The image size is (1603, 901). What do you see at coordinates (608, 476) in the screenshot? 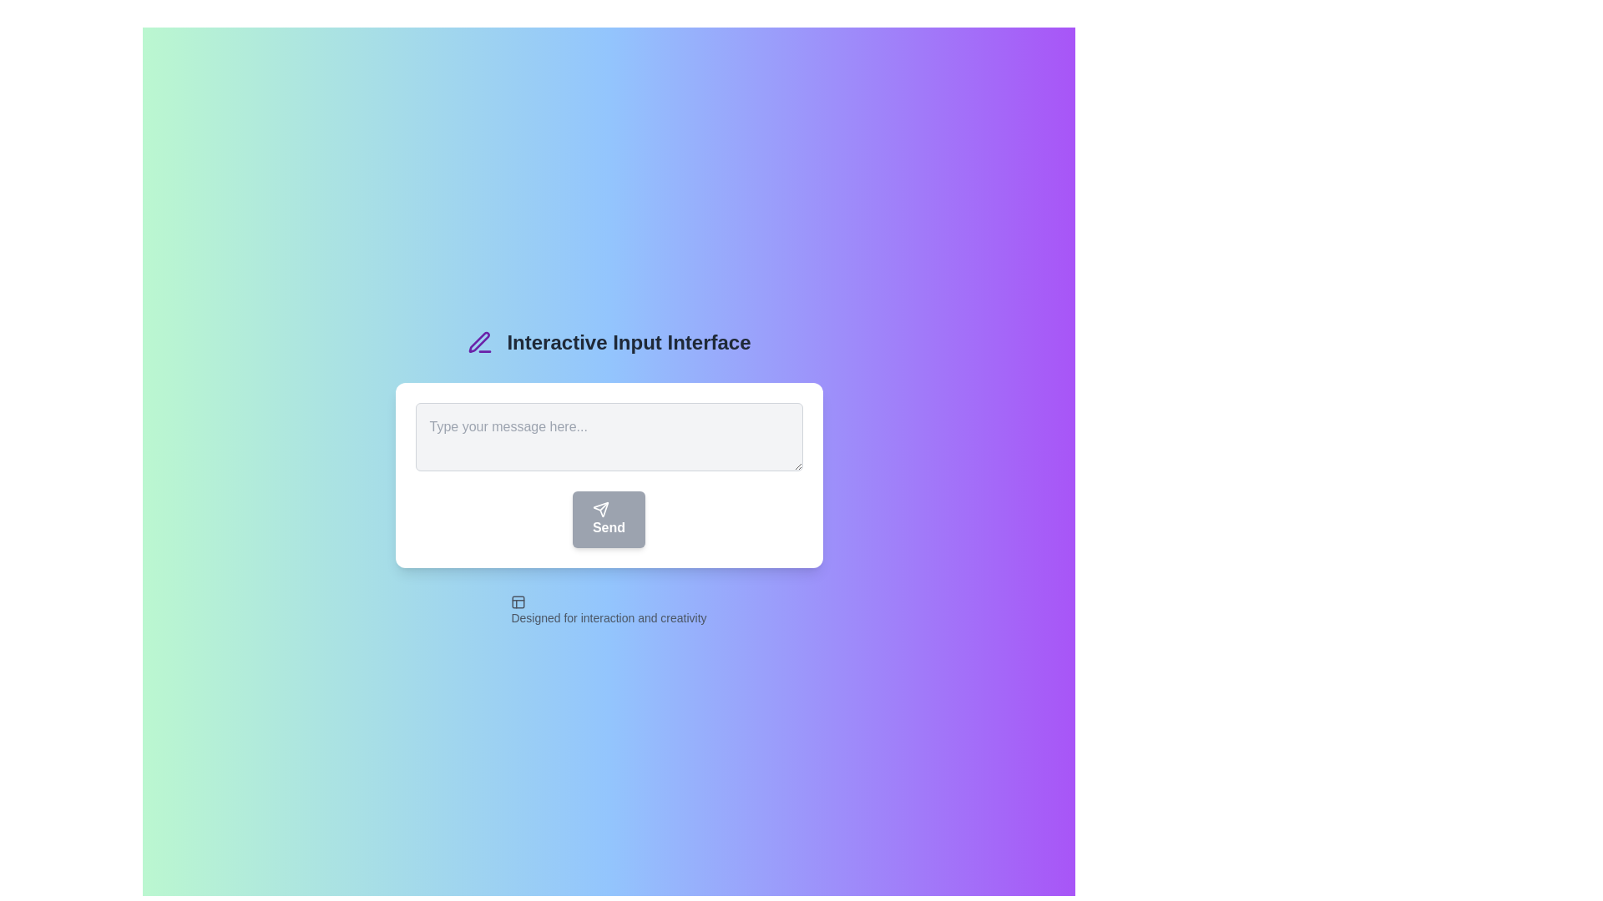
I see `the 'Send' button in the messaging interface` at bounding box center [608, 476].